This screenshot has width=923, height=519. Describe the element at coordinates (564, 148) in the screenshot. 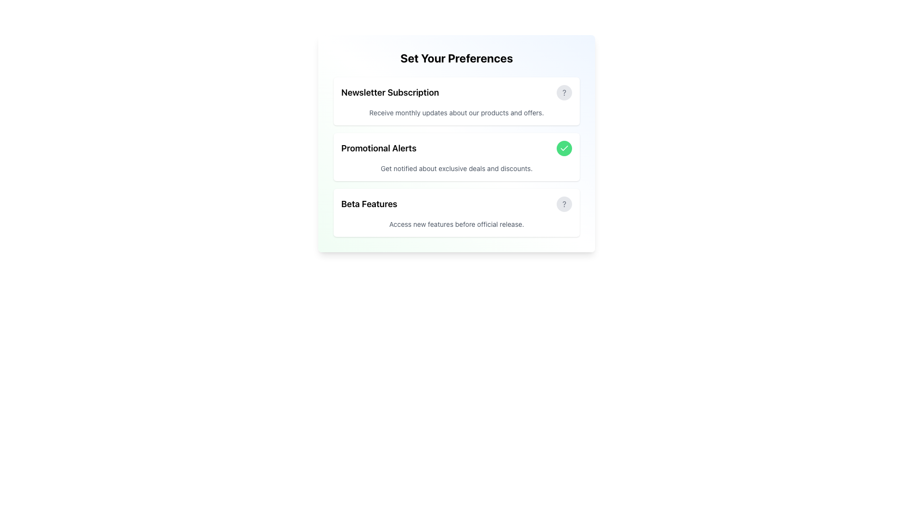

I see `the completed state indication of the green circular checkmark icon within the button located to the right of the 'Promotional Alerts' option` at that location.